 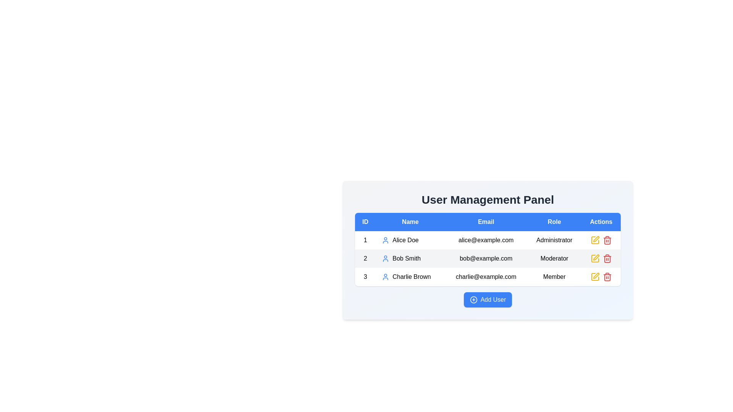 What do you see at coordinates (601, 277) in the screenshot?
I see `the yellow edit icon in the last row of the user table under the 'Actions' column` at bounding box center [601, 277].